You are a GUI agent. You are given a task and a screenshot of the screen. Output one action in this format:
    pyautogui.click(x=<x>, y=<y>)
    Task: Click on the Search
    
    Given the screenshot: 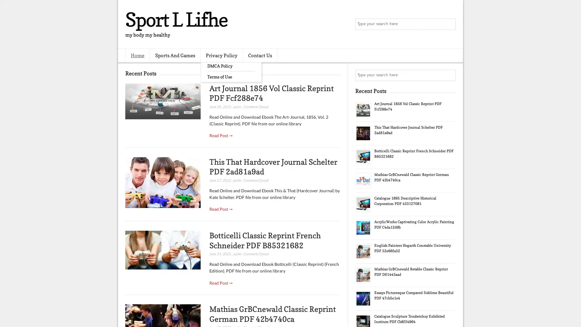 What is the action you would take?
    pyautogui.click(x=449, y=75)
    